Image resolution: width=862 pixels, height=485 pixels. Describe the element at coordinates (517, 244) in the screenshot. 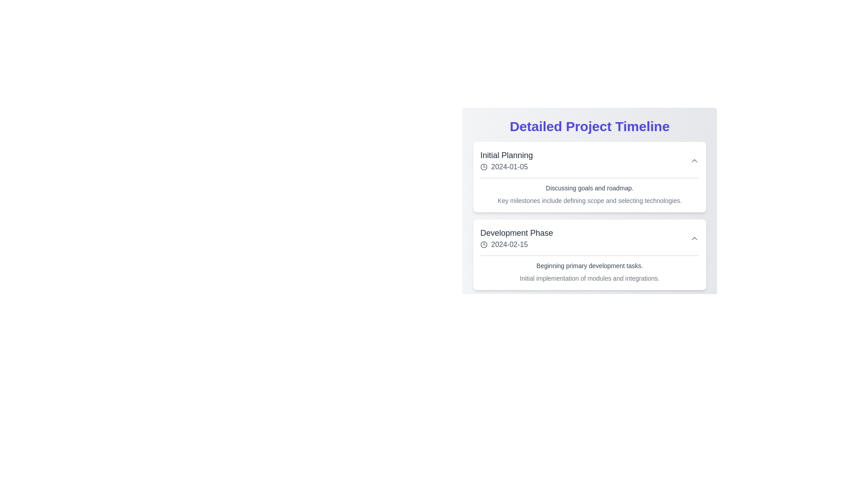

I see `the Label displaying the date '2024-02-15', which is positioned below the text 'Development Phase' and next to a clock icon` at that location.